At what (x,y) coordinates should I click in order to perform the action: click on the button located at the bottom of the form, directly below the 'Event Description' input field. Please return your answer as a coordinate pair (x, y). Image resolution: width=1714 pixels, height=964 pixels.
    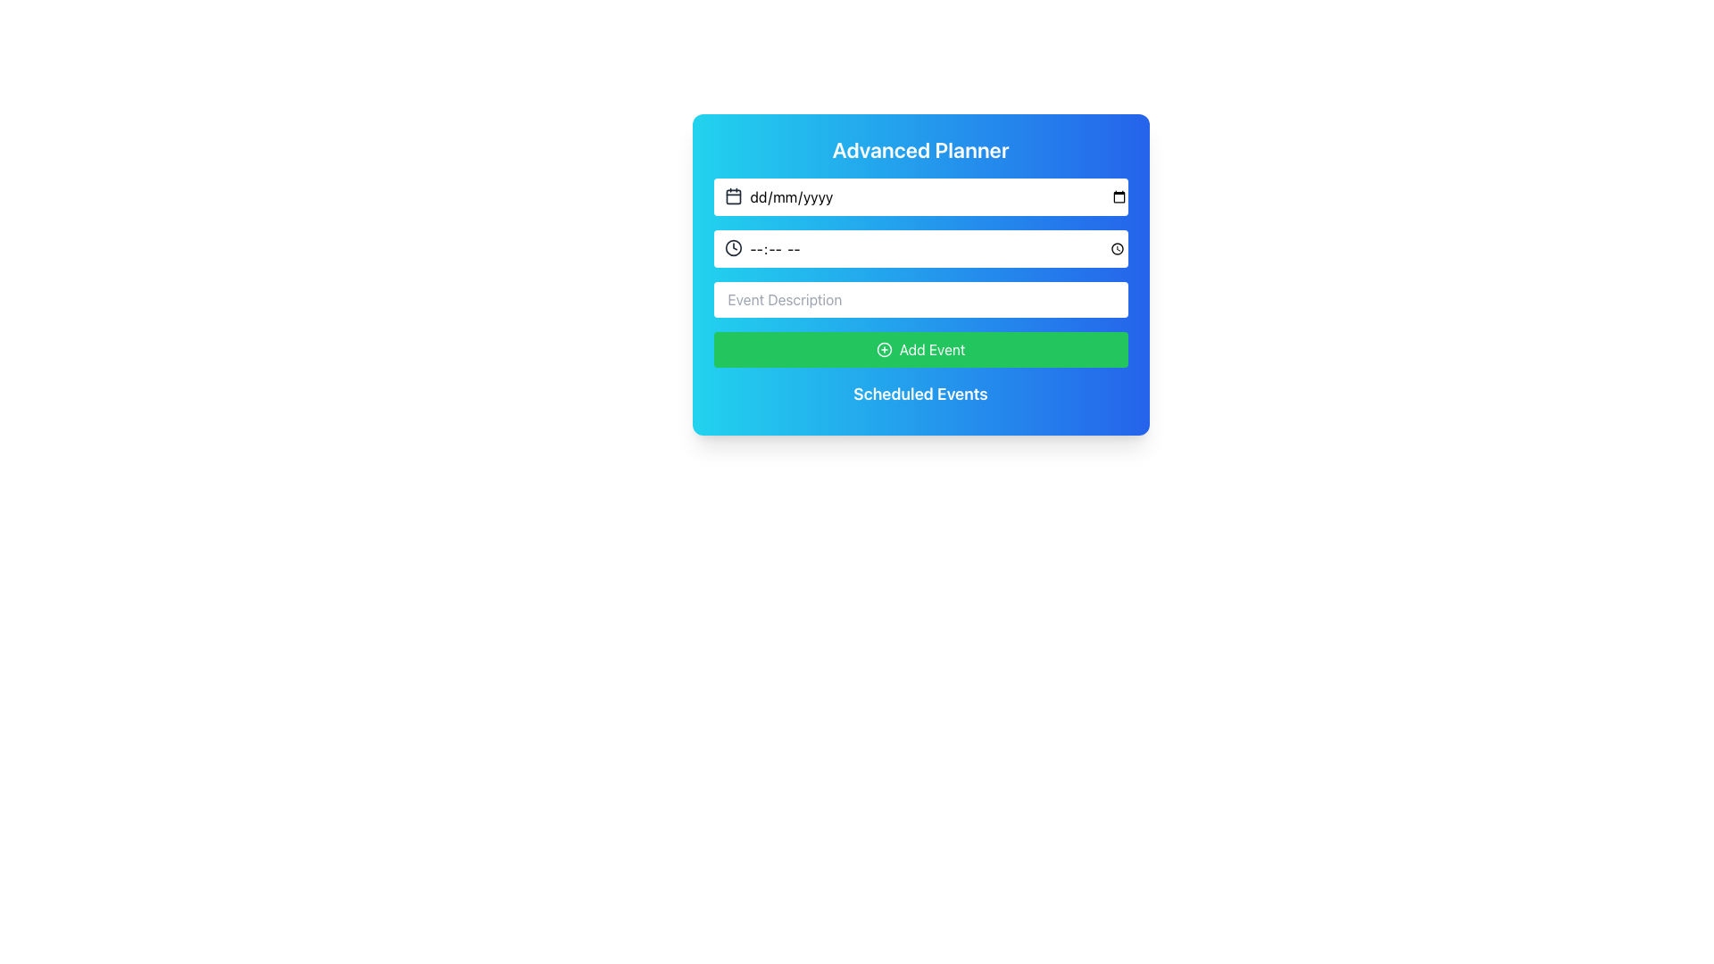
    Looking at the image, I should click on (920, 350).